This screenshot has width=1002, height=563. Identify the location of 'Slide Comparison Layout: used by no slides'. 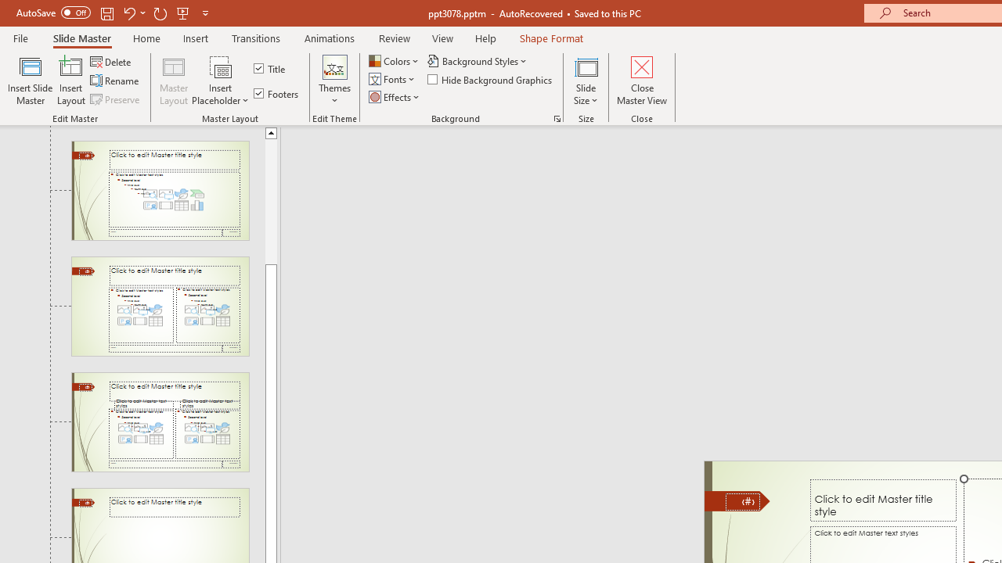
(160, 422).